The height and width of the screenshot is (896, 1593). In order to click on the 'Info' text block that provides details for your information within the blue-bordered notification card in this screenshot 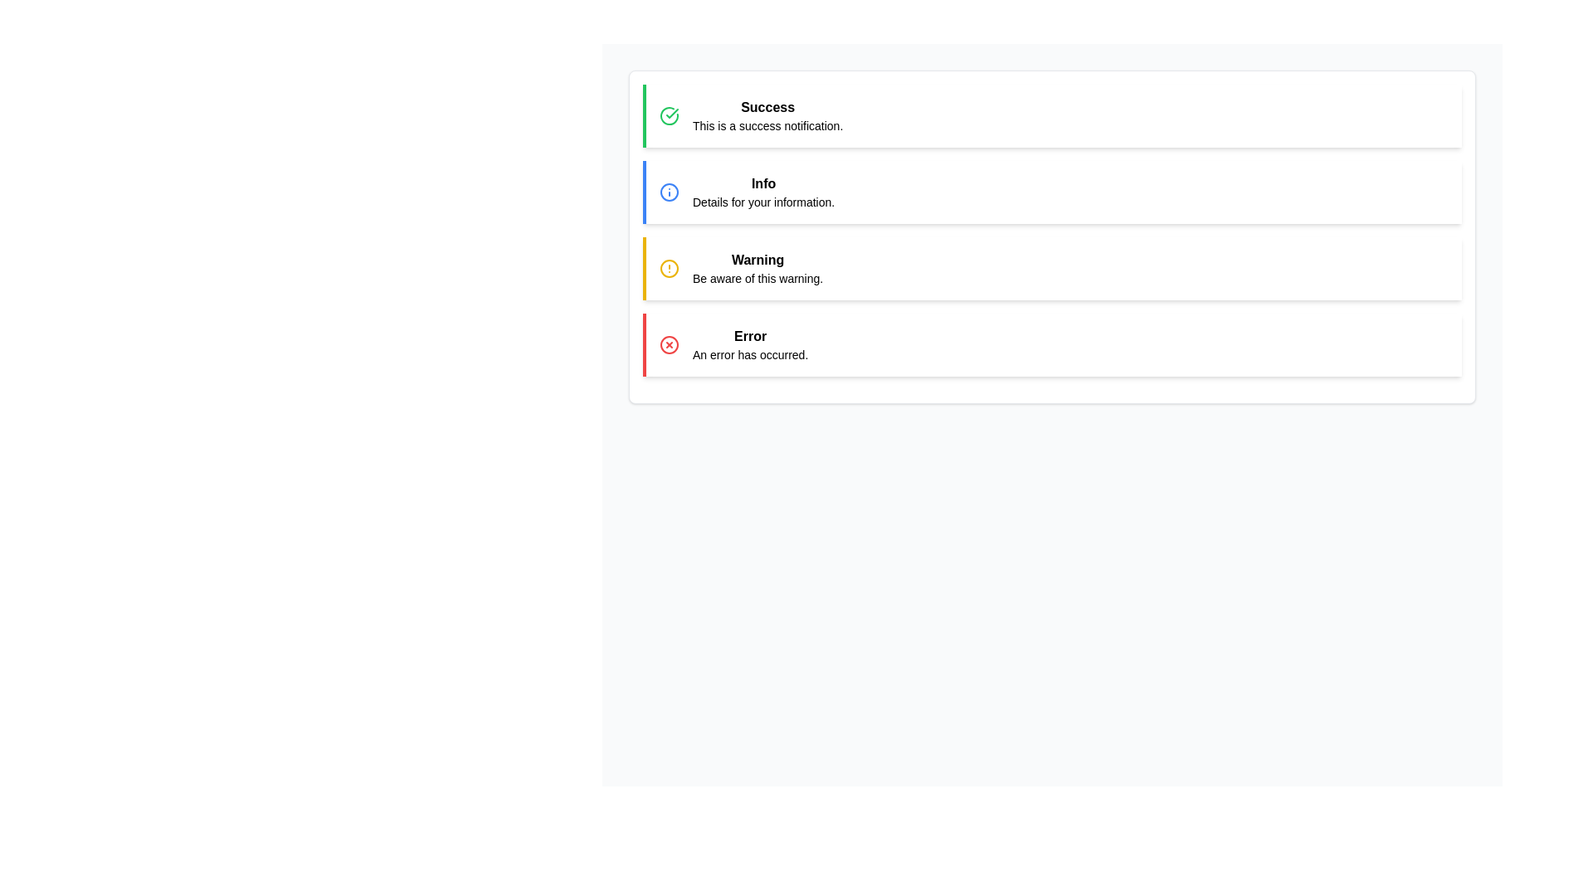, I will do `click(762, 191)`.